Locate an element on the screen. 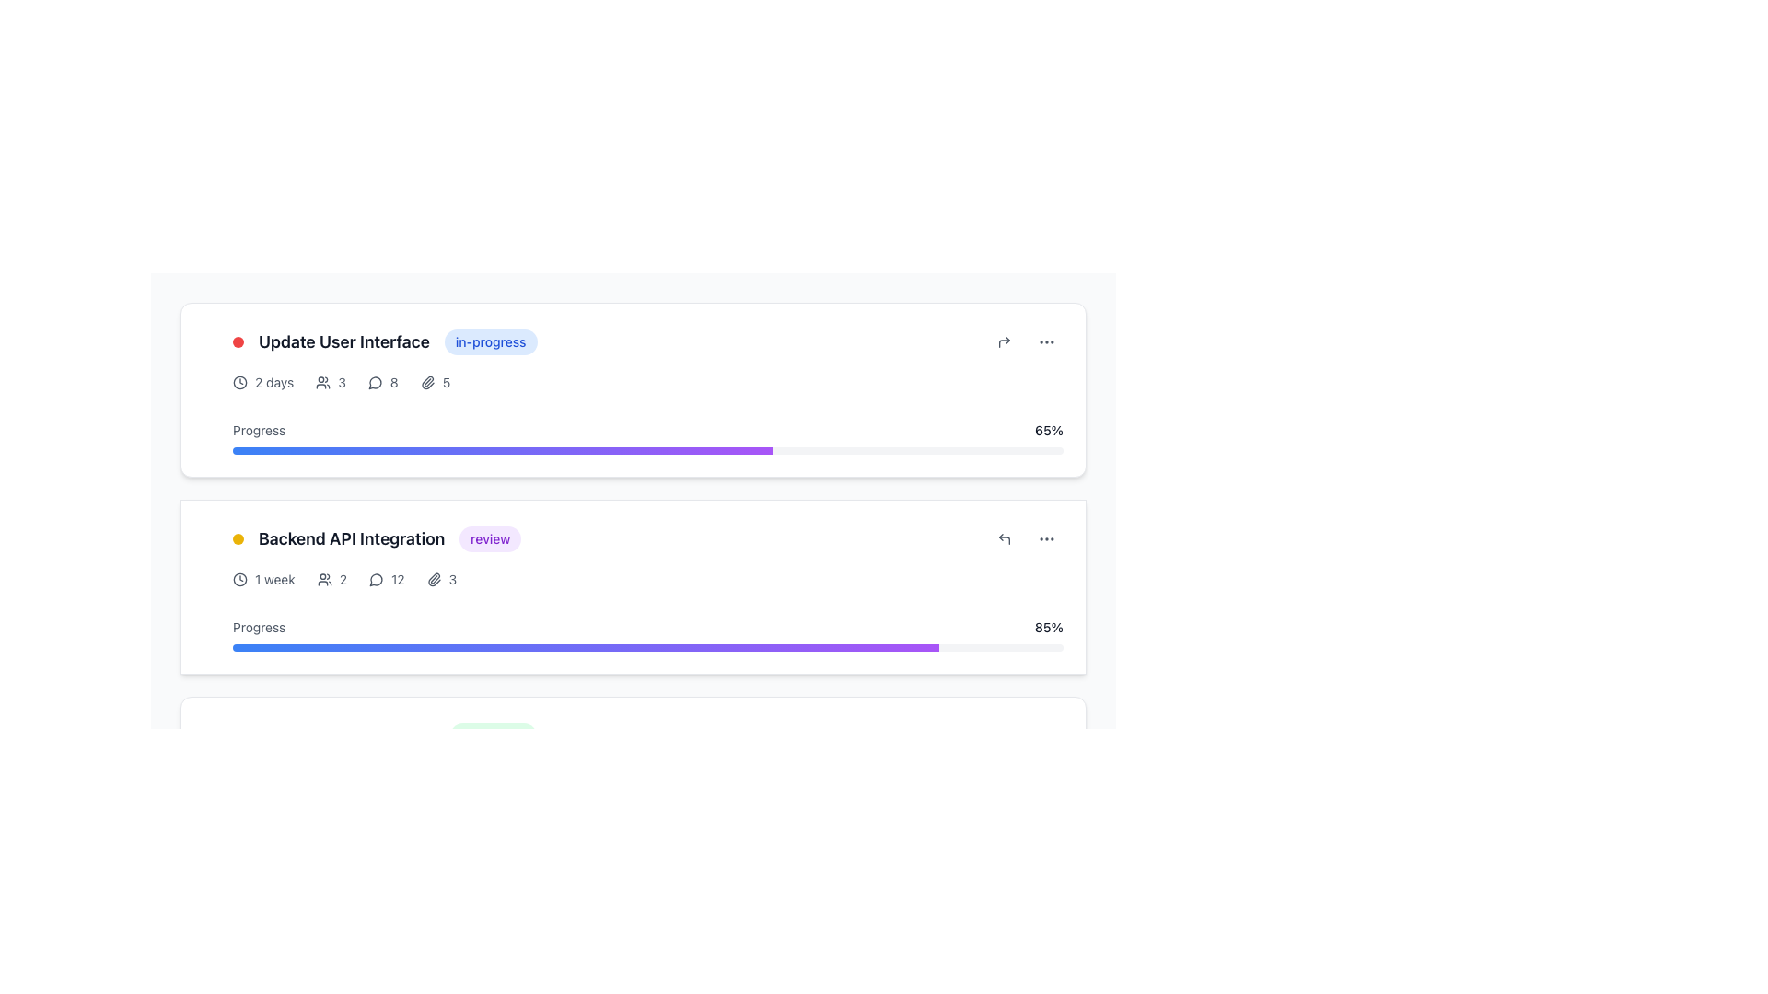 Image resolution: width=1768 pixels, height=994 pixels. the progress bar labeled 'Progress' indicating 85% completion within the task card titled 'Backend API Integration' is located at coordinates (648, 627).